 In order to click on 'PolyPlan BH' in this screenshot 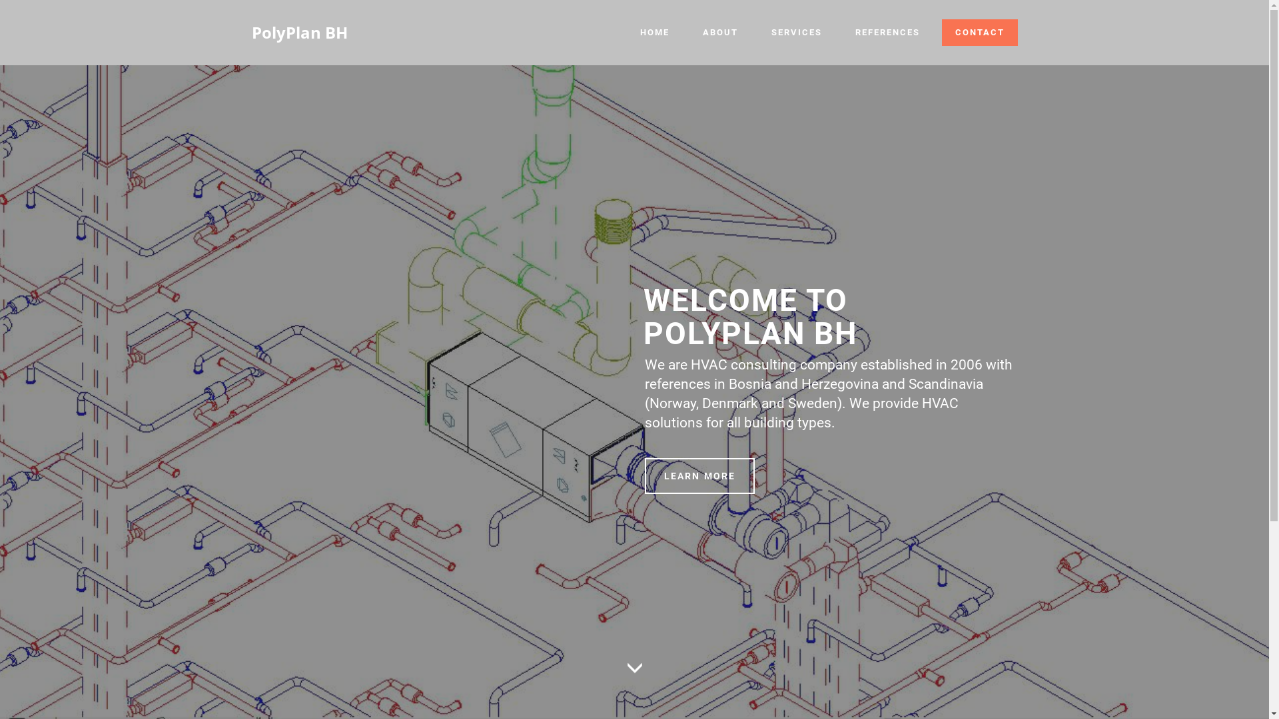, I will do `click(299, 32)`.